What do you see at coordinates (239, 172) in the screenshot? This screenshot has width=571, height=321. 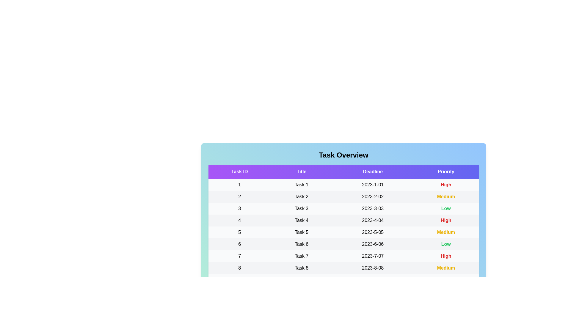 I see `the column header Task ID to sort the tasks by that column` at bounding box center [239, 172].